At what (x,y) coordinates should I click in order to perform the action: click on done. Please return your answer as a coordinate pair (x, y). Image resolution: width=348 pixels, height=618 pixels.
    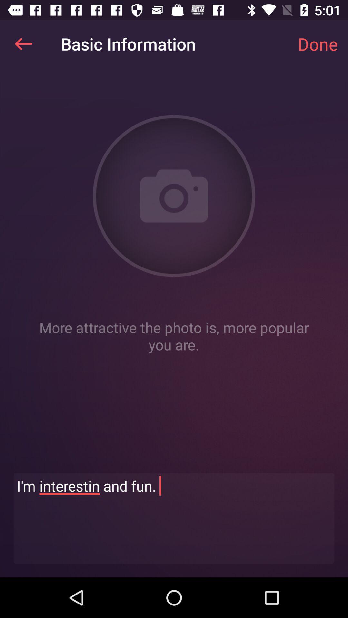
    Looking at the image, I should click on (317, 43).